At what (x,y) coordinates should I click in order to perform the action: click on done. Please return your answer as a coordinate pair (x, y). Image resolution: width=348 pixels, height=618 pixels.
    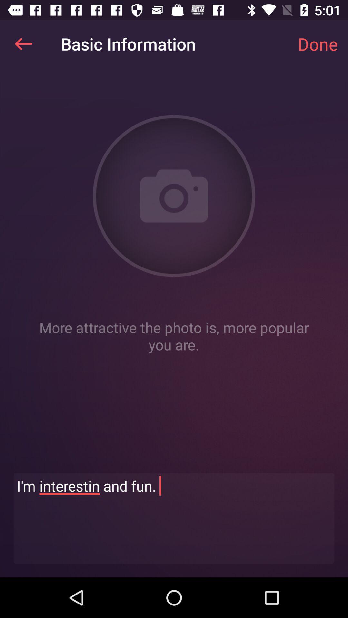
    Looking at the image, I should click on (317, 43).